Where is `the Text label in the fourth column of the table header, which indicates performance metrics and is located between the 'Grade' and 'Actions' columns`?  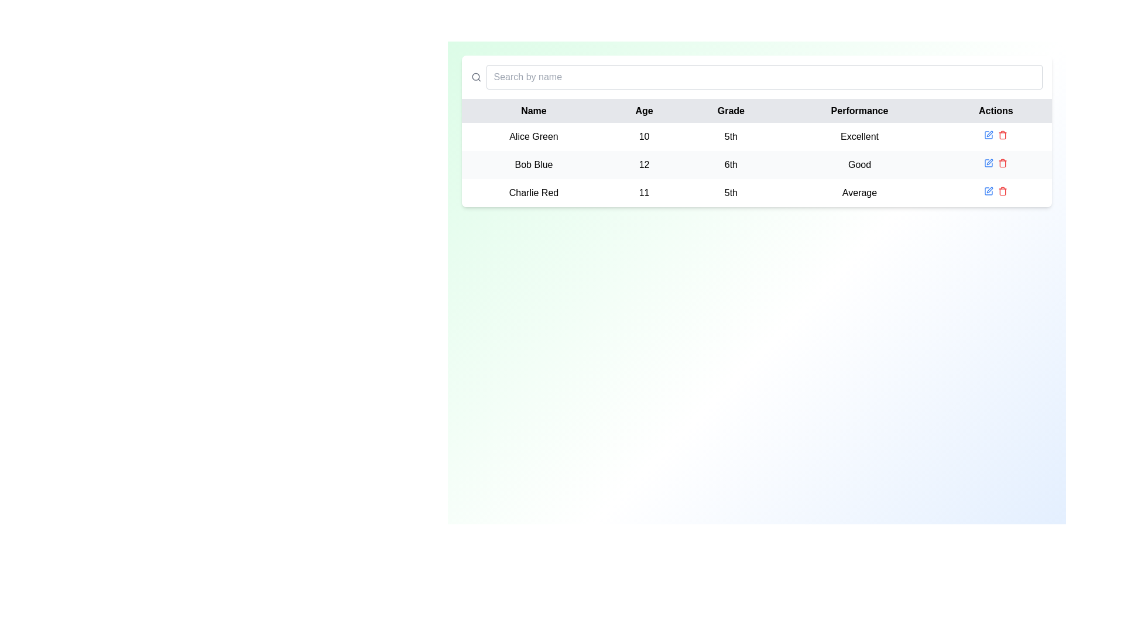
the Text label in the fourth column of the table header, which indicates performance metrics and is located between the 'Grade' and 'Actions' columns is located at coordinates (859, 111).